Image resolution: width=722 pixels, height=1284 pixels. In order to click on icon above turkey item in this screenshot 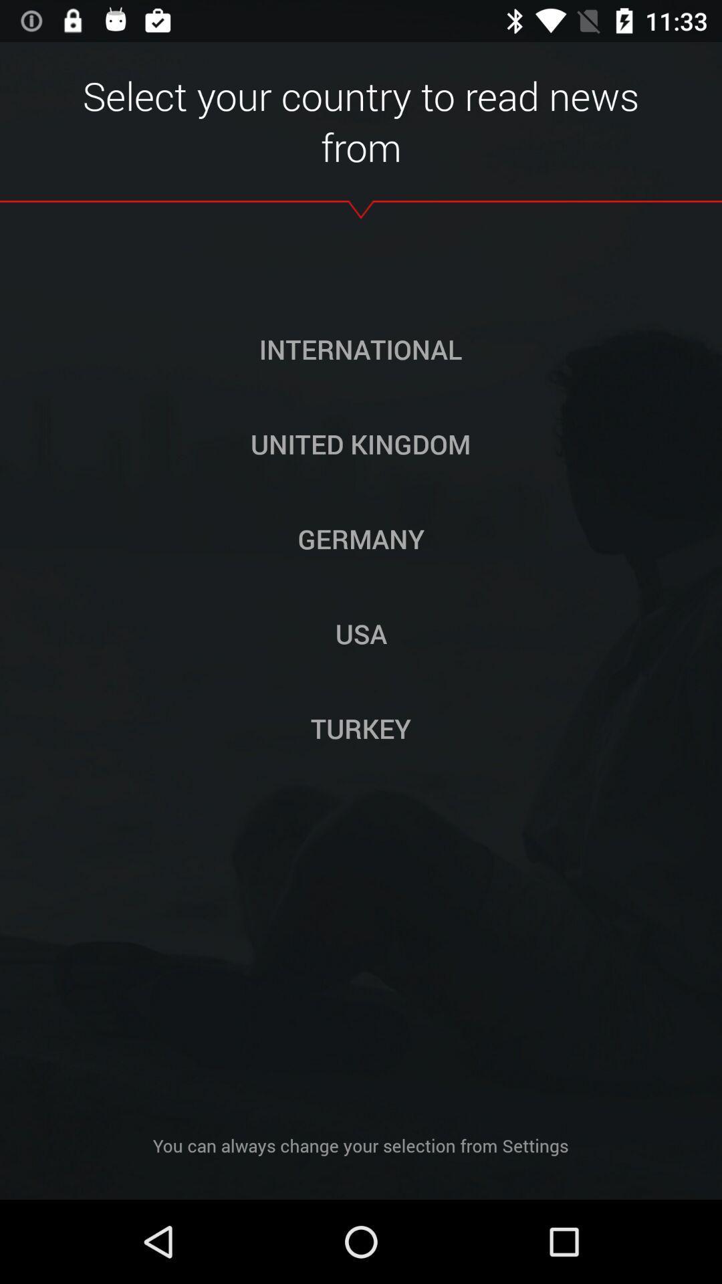, I will do `click(361, 633)`.